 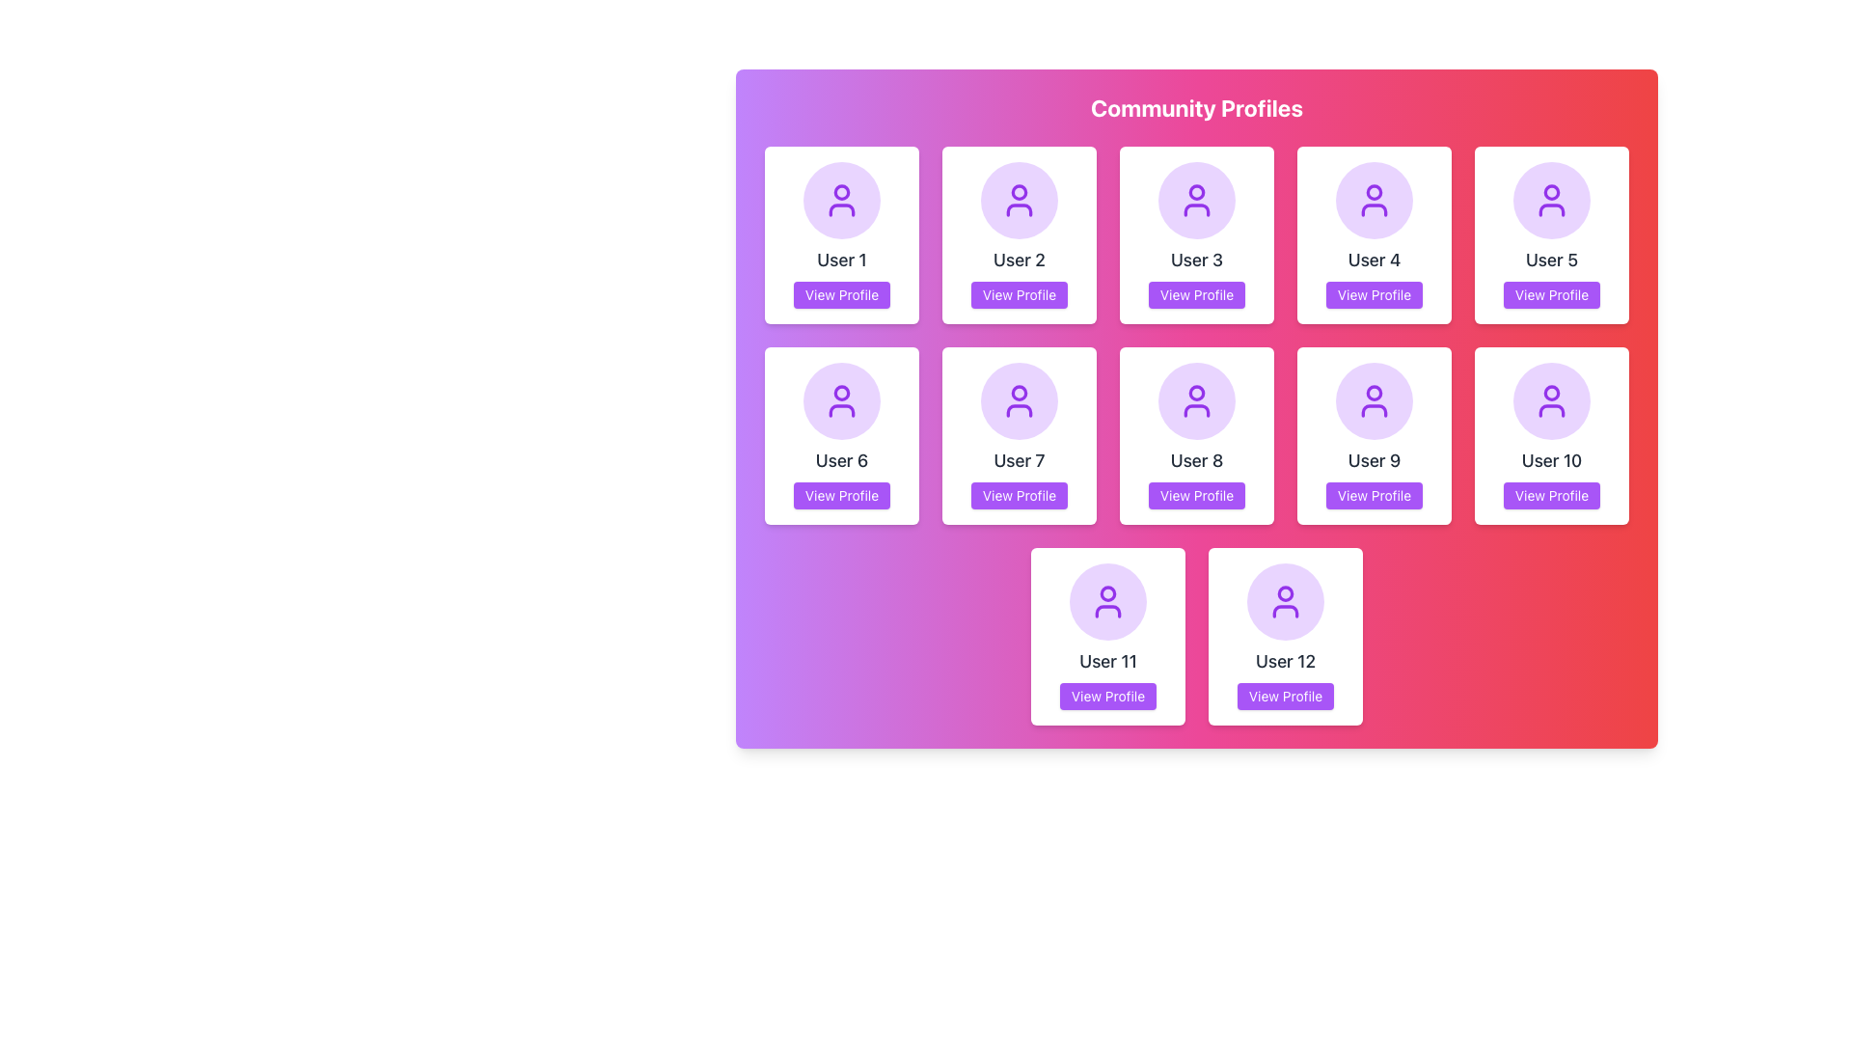 I want to click on the 'View Profile' button with a purple background located in the ninth user profile card, so click(x=1374, y=494).